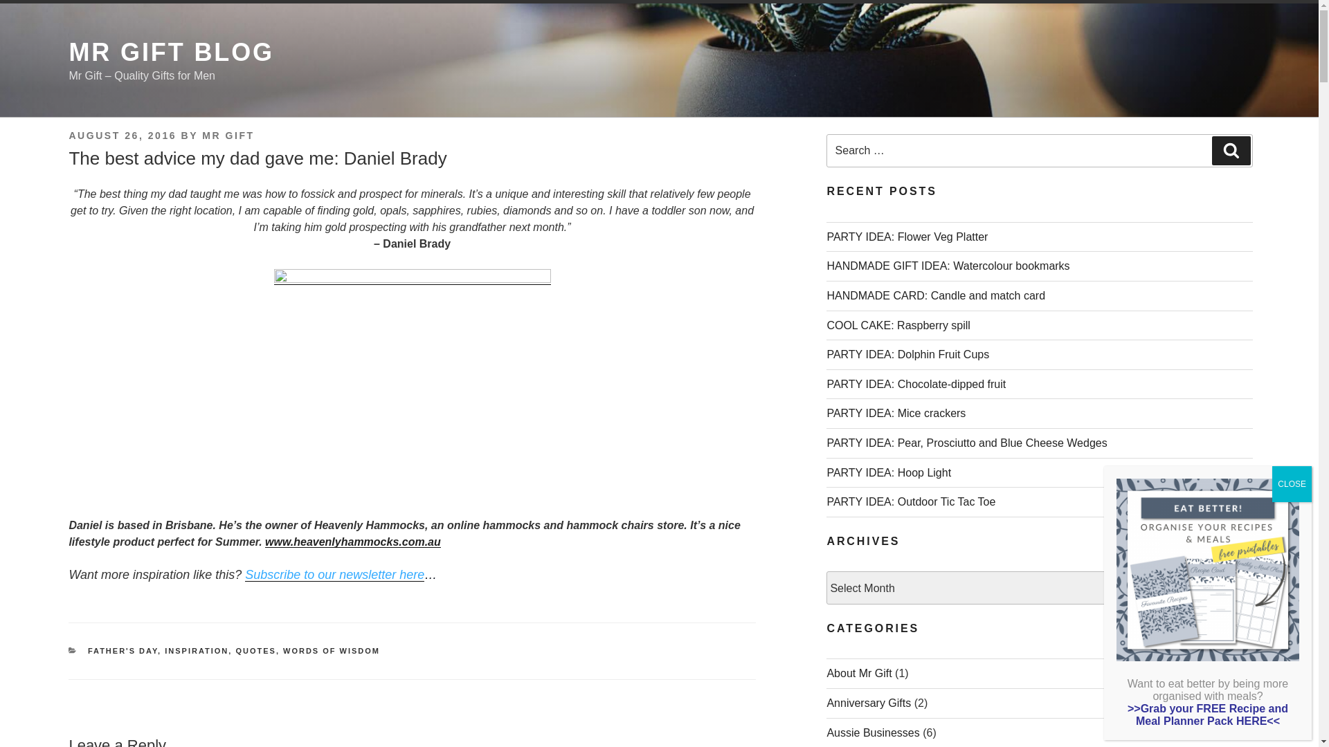 This screenshot has height=747, width=1329. I want to click on 'MR GIFT BLOG', so click(170, 51).